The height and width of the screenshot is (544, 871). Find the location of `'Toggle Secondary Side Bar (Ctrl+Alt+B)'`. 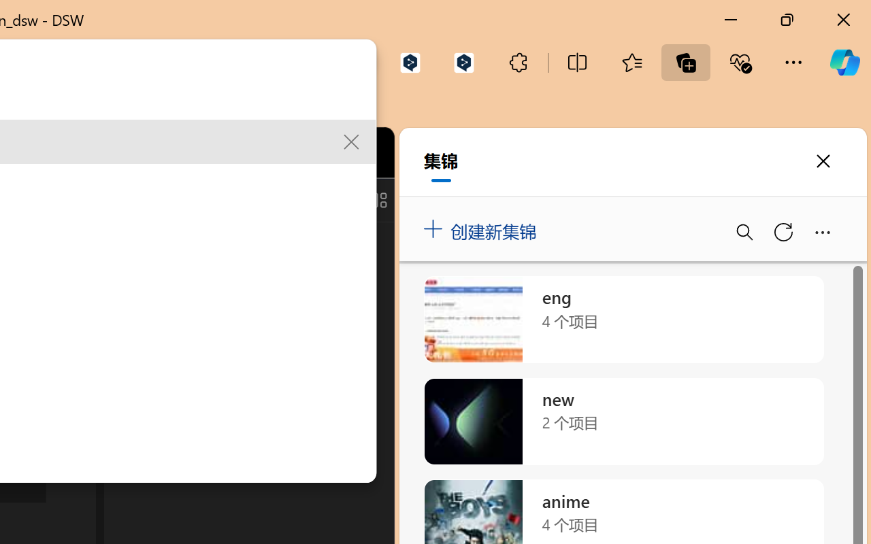

'Toggle Secondary Side Bar (Ctrl+Alt+B)' is located at coordinates (344, 200).